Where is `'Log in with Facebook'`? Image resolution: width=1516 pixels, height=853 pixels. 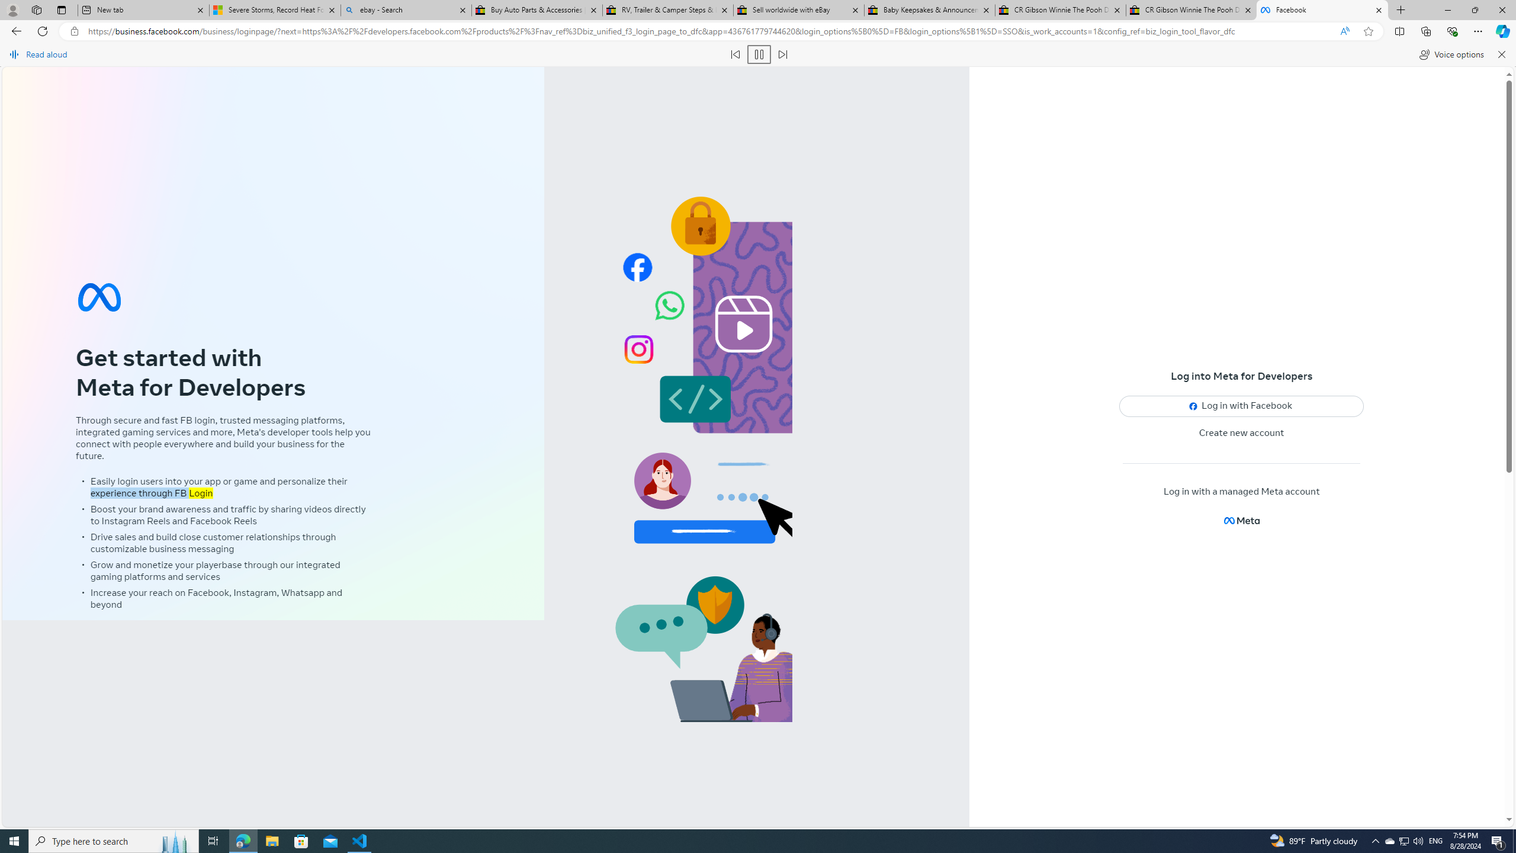
'Log in with Facebook' is located at coordinates (1241, 406).